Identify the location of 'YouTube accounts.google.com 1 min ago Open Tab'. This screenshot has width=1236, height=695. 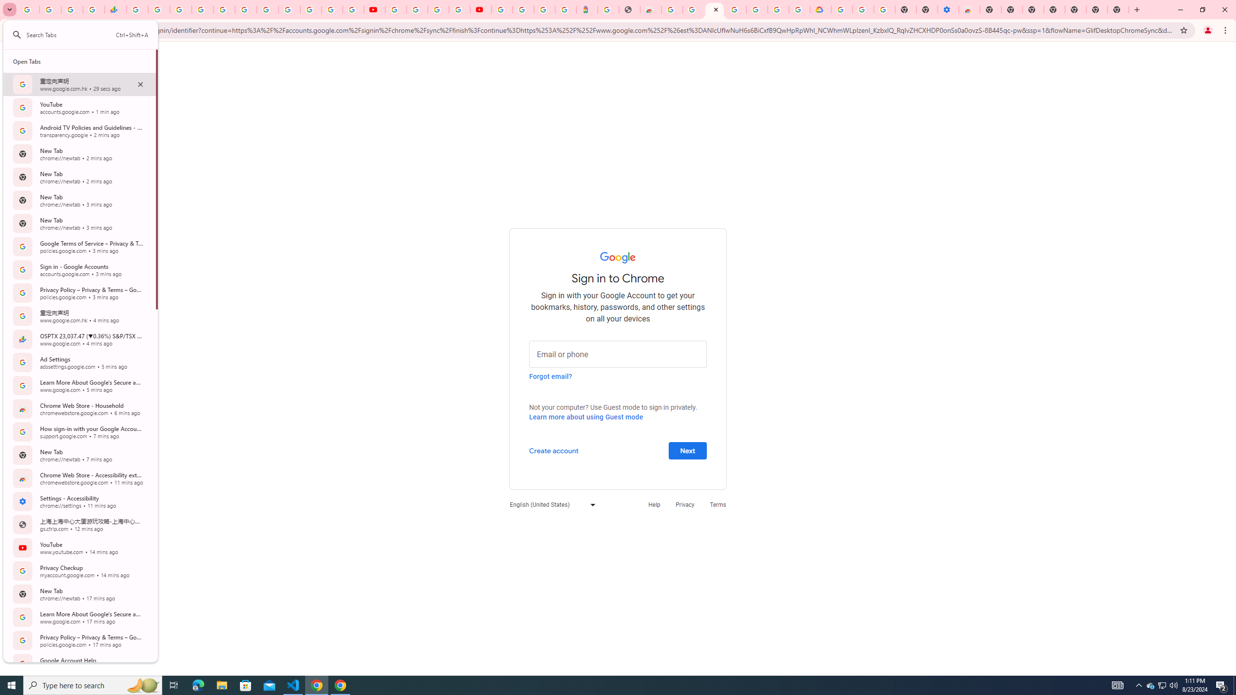
(79, 107).